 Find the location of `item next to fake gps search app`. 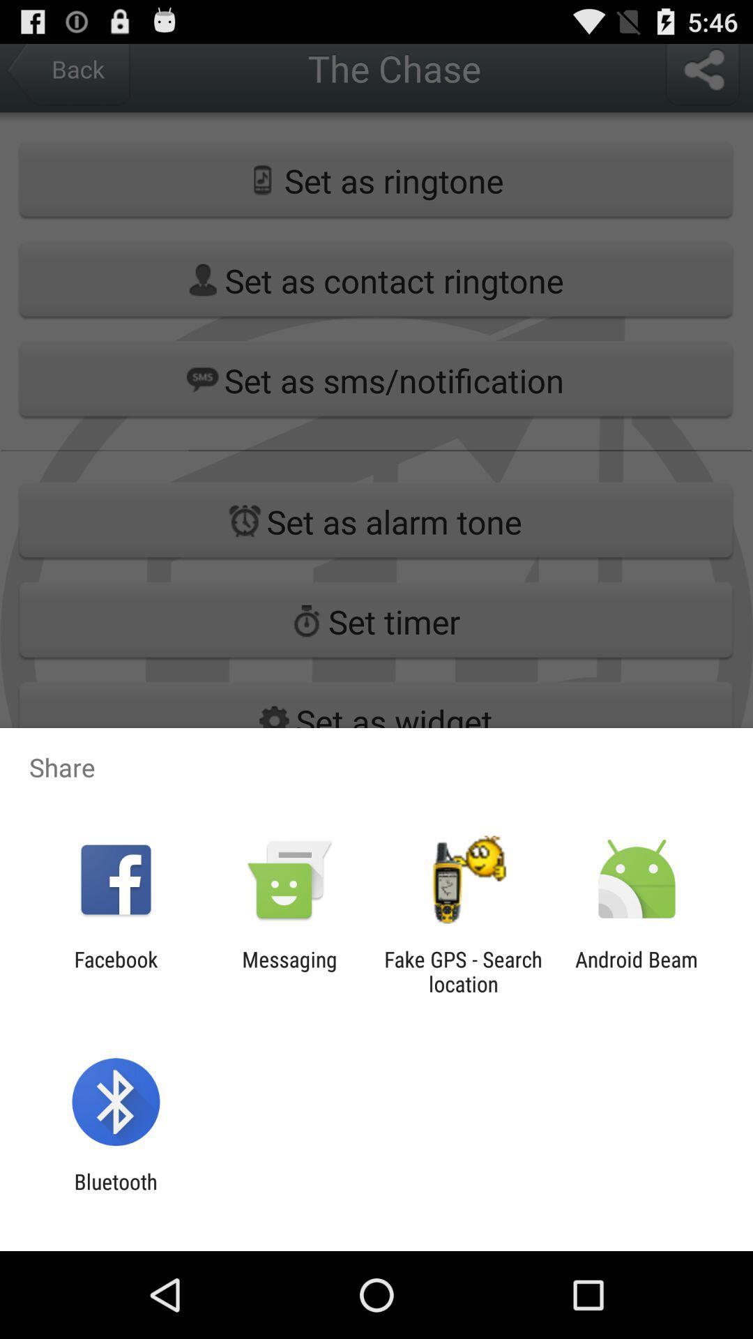

item next to fake gps search app is located at coordinates (637, 971).